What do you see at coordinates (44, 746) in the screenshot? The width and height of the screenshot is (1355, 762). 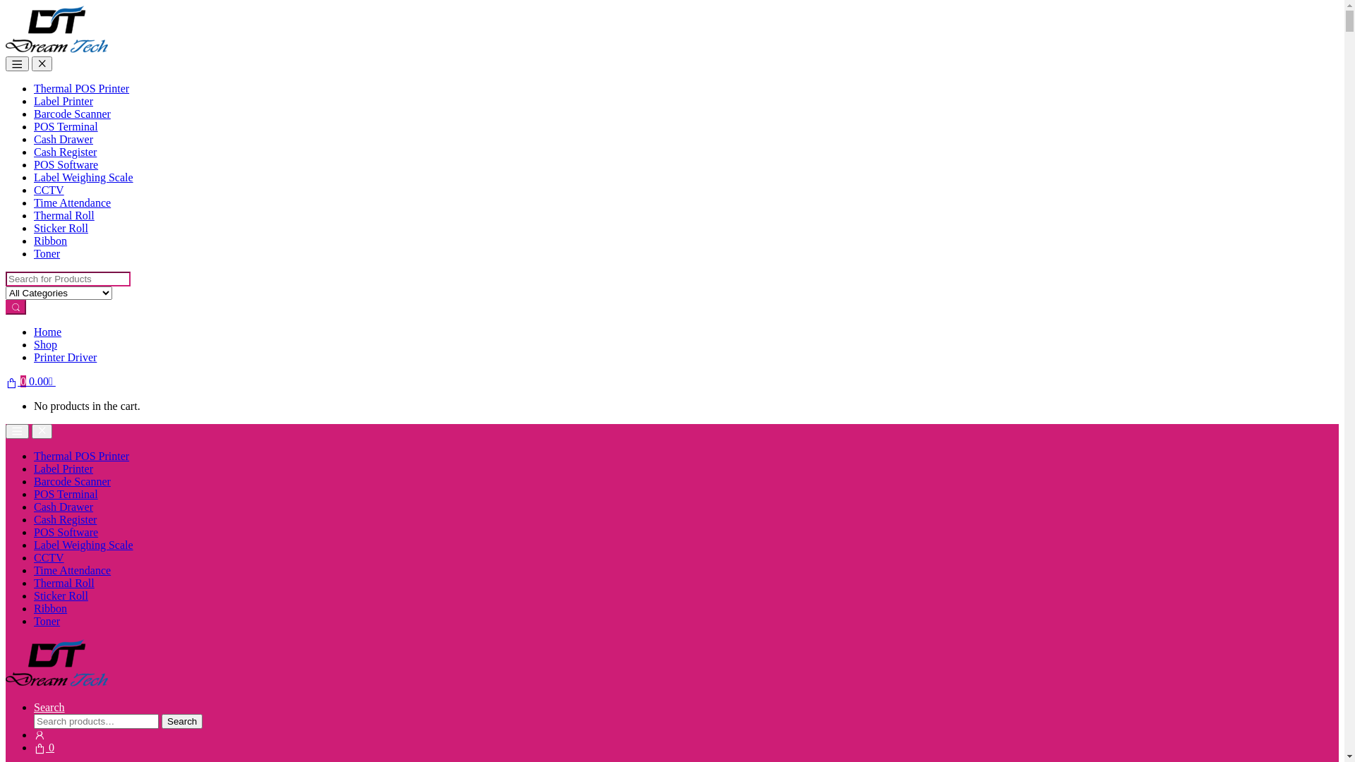 I see `'0'` at bounding box center [44, 746].